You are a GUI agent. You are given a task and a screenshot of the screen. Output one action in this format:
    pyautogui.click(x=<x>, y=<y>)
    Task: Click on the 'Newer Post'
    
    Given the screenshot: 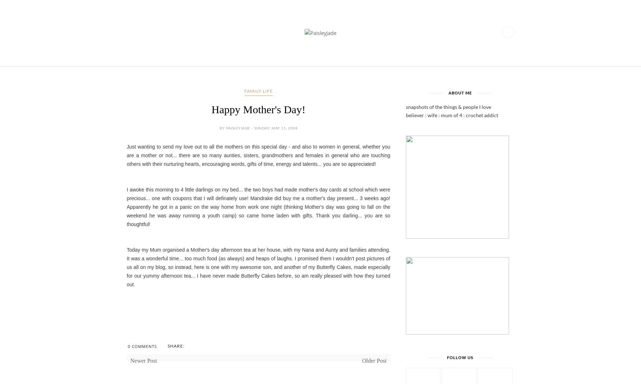 What is the action you would take?
    pyautogui.click(x=143, y=361)
    